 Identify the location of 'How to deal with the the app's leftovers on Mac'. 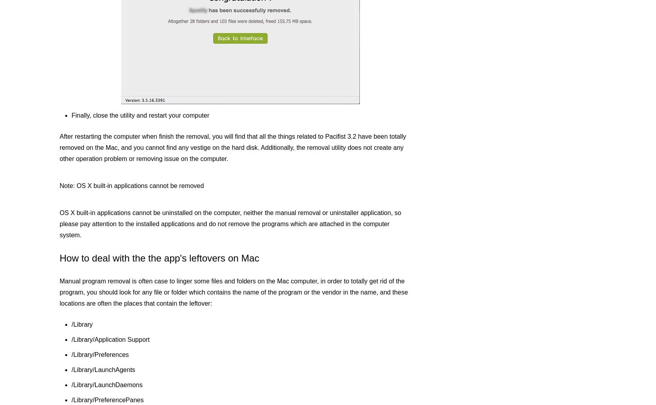
(159, 258).